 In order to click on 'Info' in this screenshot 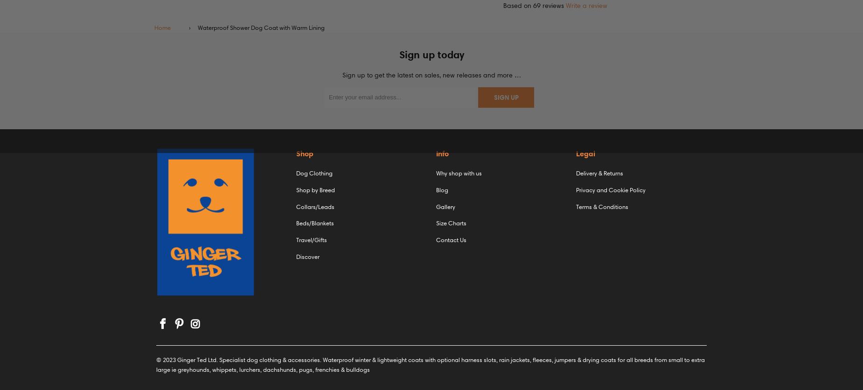, I will do `click(442, 152)`.